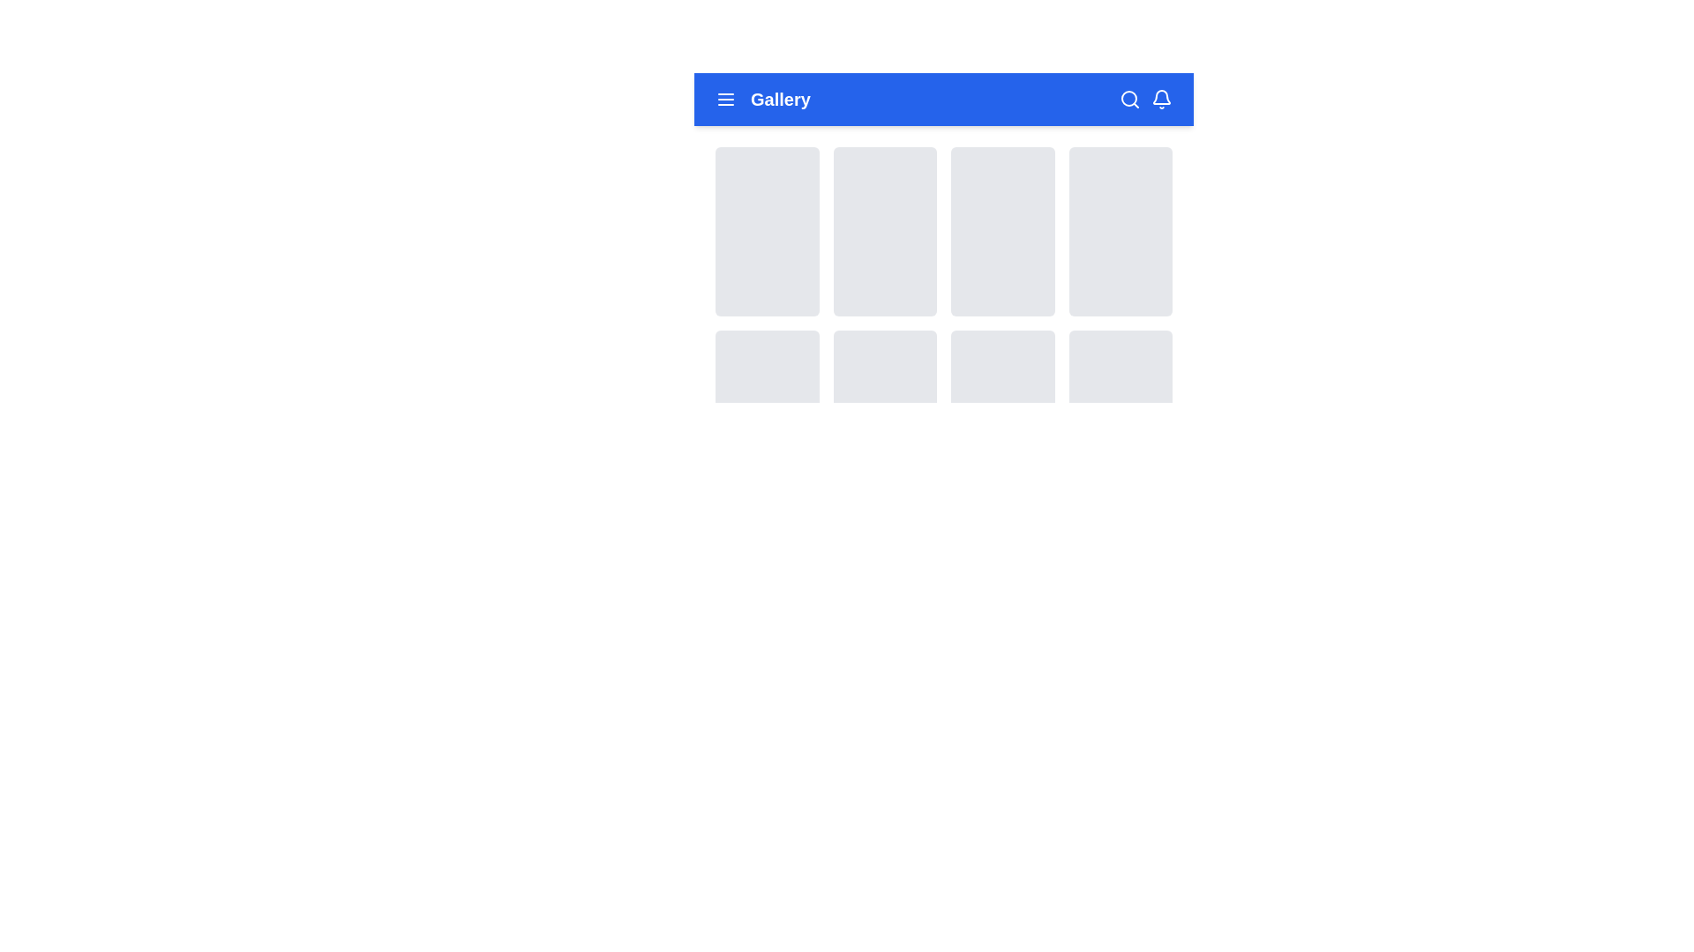 The image size is (1694, 952). What do you see at coordinates (767, 230) in the screenshot?
I see `on the first tile in the grid layout, located at the top-left corner` at bounding box center [767, 230].